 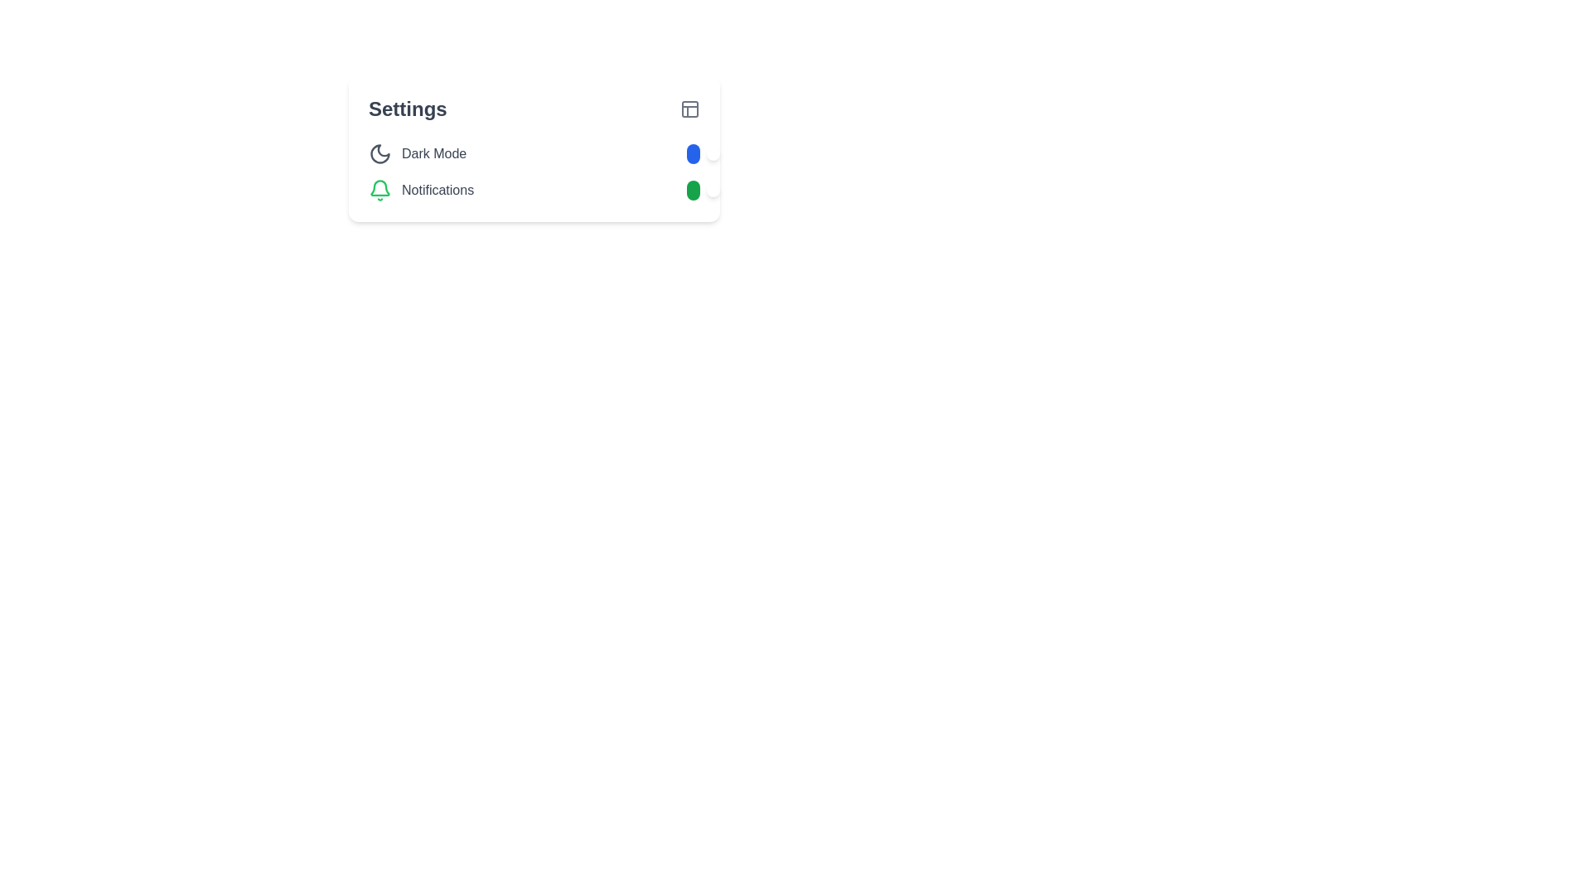 What do you see at coordinates (380, 153) in the screenshot?
I see `the Dark Mode icon located at the top-left region of the settings panel, which is visually linked to the 'Dark Mode' text label` at bounding box center [380, 153].